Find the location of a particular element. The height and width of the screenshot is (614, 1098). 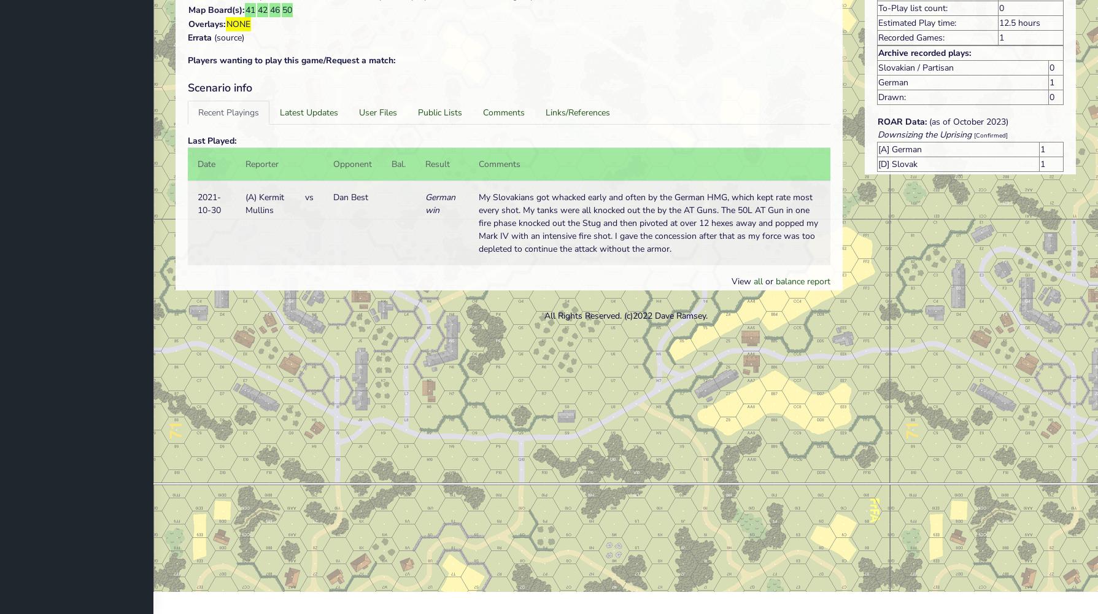

'Result' is located at coordinates (437, 164).